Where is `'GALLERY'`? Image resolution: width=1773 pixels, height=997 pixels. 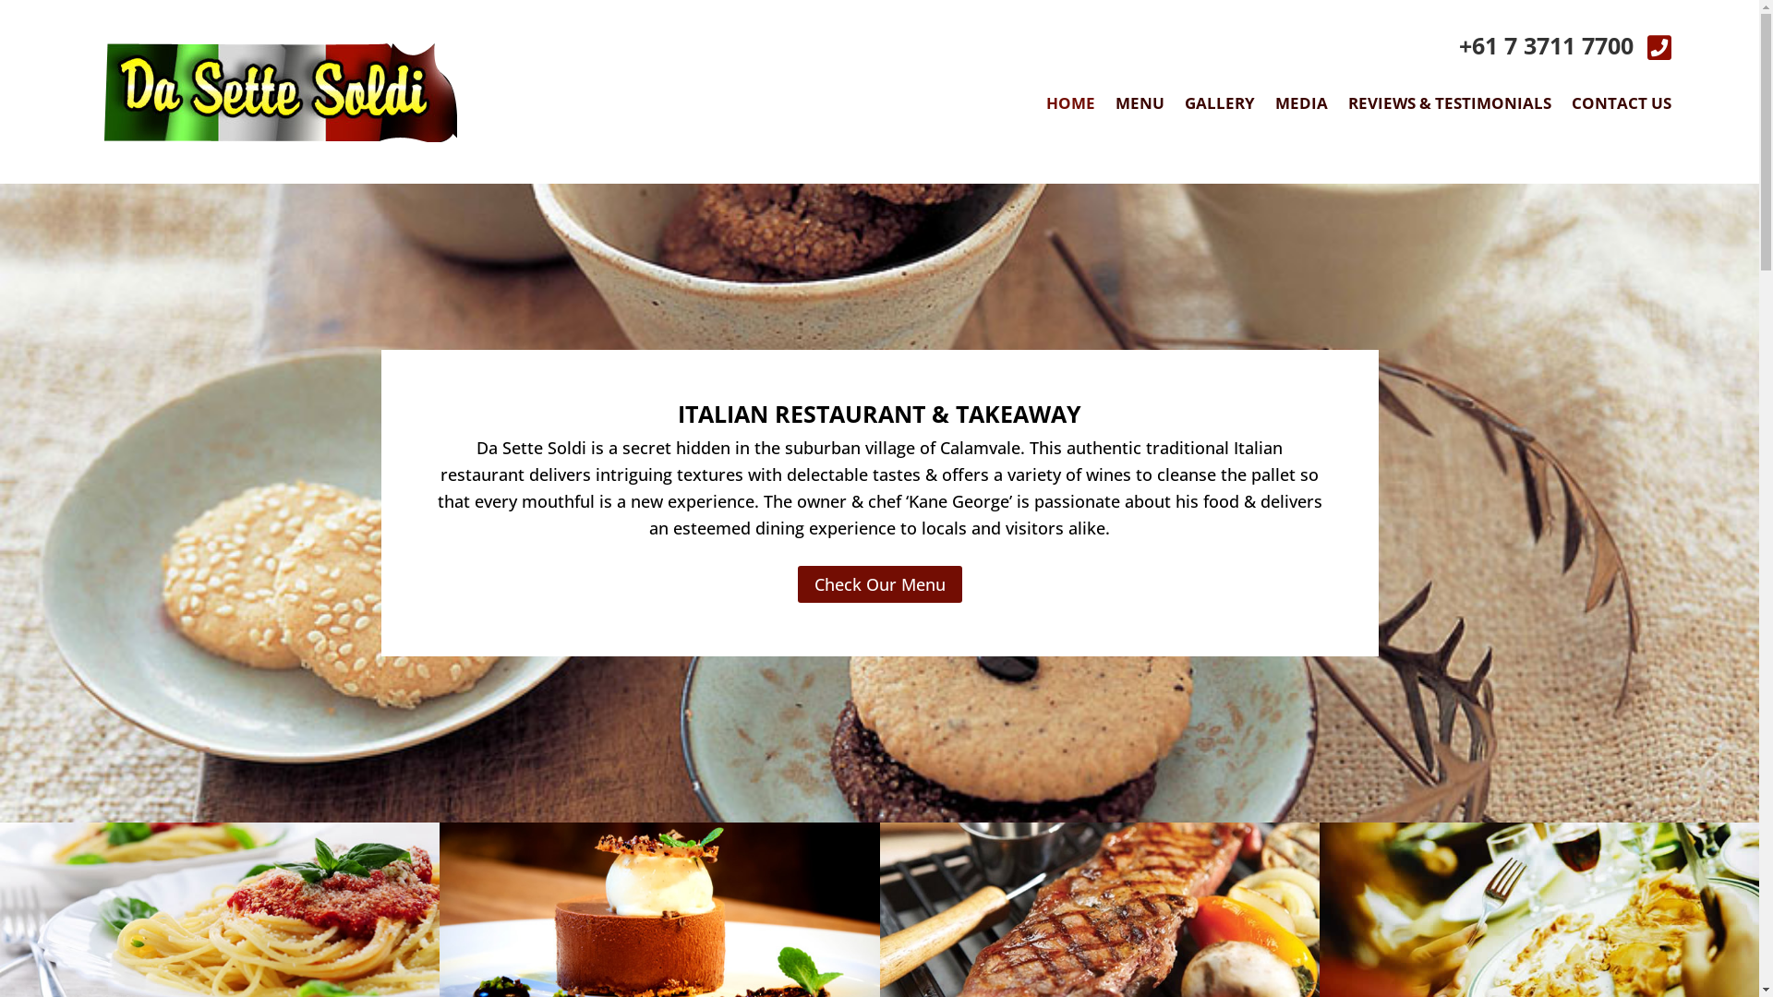
'GALLERY' is located at coordinates (1219, 106).